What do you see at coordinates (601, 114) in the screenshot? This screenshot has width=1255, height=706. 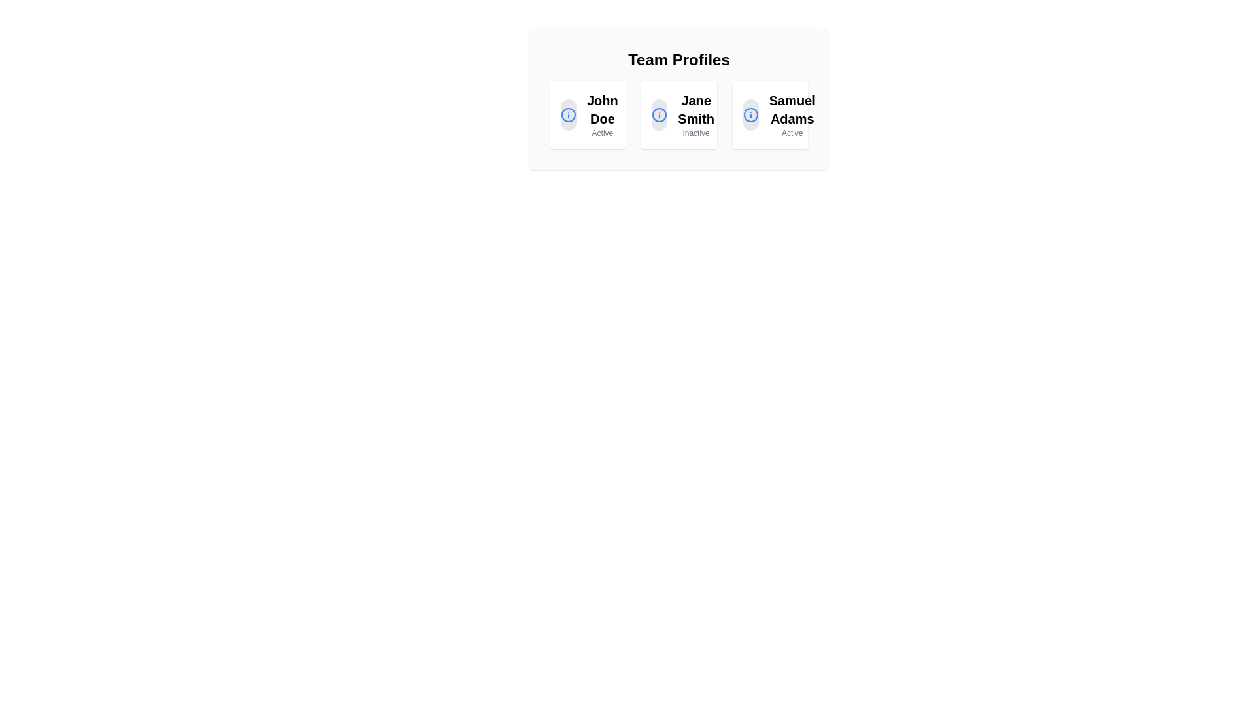 I see `information displayed in the Text Label element that shows 'John Doe' with the status 'Active', located to the right of a blue icon in the Team Profiles row` at bounding box center [601, 114].